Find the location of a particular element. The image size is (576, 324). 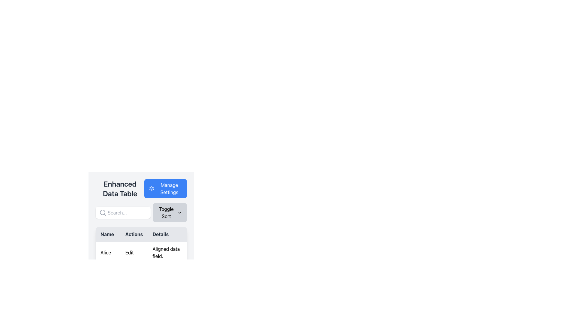

the cell containing 'Alice' in the first row of the data table is located at coordinates (141, 274).